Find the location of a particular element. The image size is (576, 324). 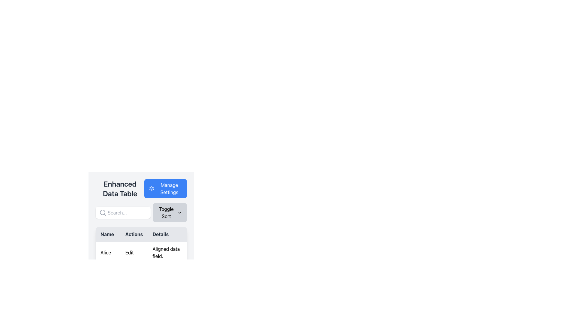

the cell containing 'Alice' in the first row of the data table is located at coordinates (141, 274).